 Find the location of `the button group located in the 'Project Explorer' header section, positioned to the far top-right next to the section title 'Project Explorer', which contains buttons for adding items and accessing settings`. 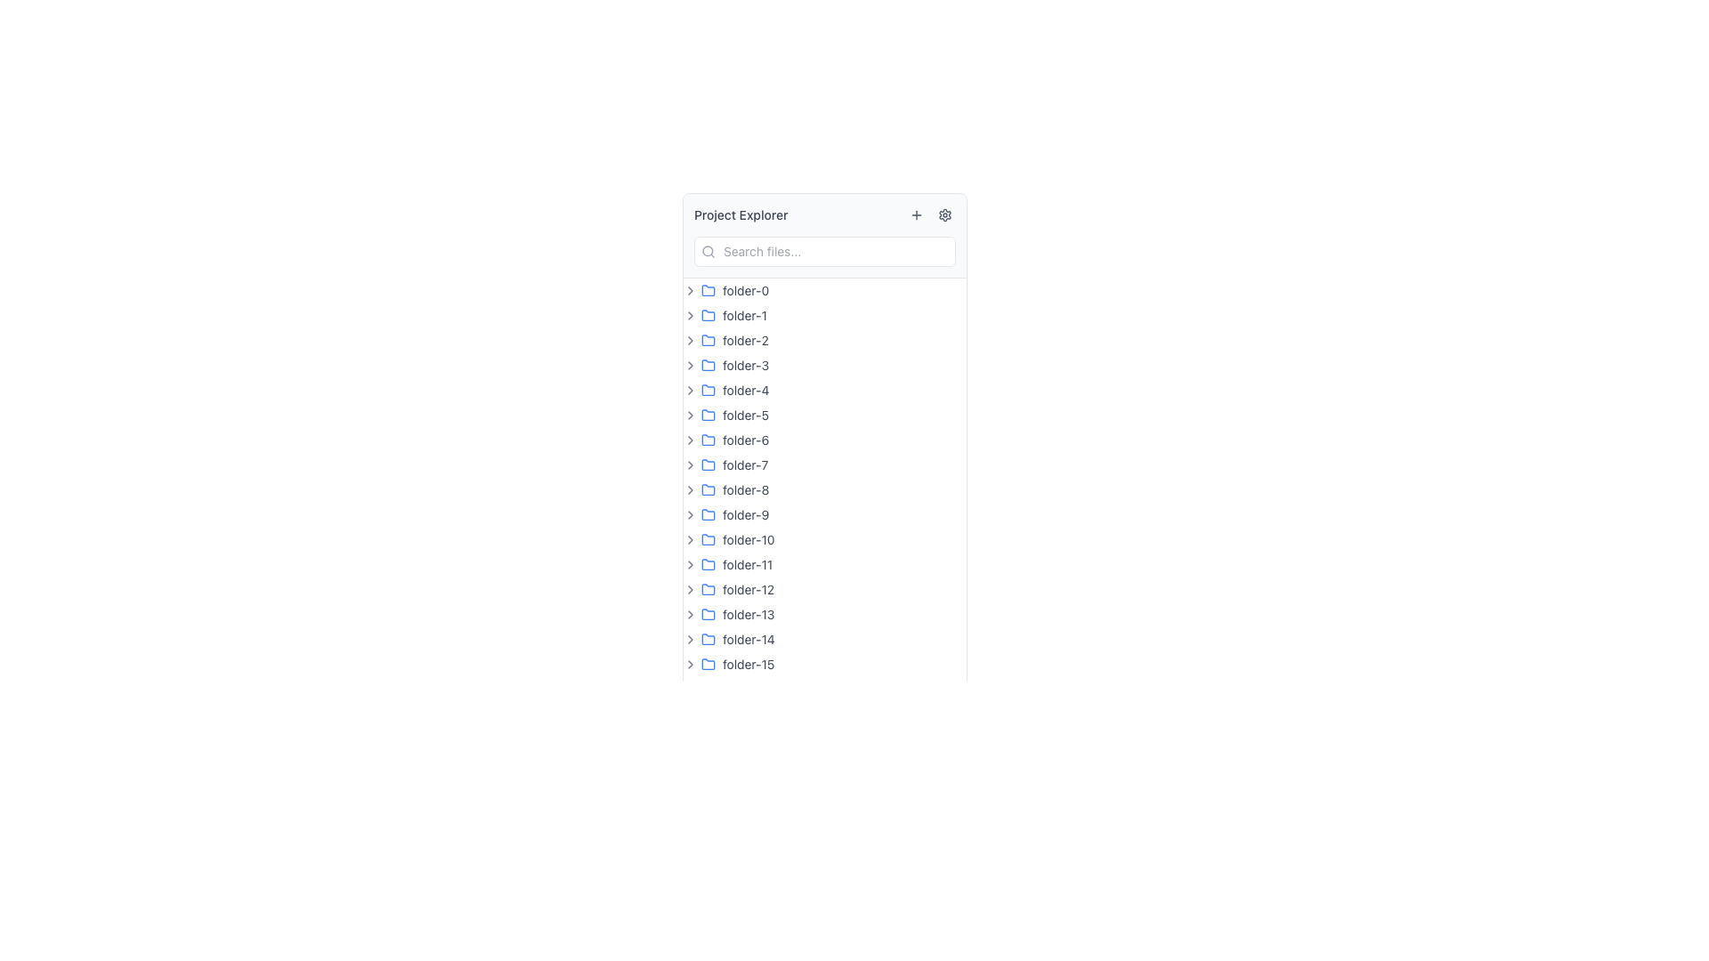

the button group located in the 'Project Explorer' header section, positioned to the far top-right next to the section title 'Project Explorer', which contains buttons for adding items and accessing settings is located at coordinates (930, 214).